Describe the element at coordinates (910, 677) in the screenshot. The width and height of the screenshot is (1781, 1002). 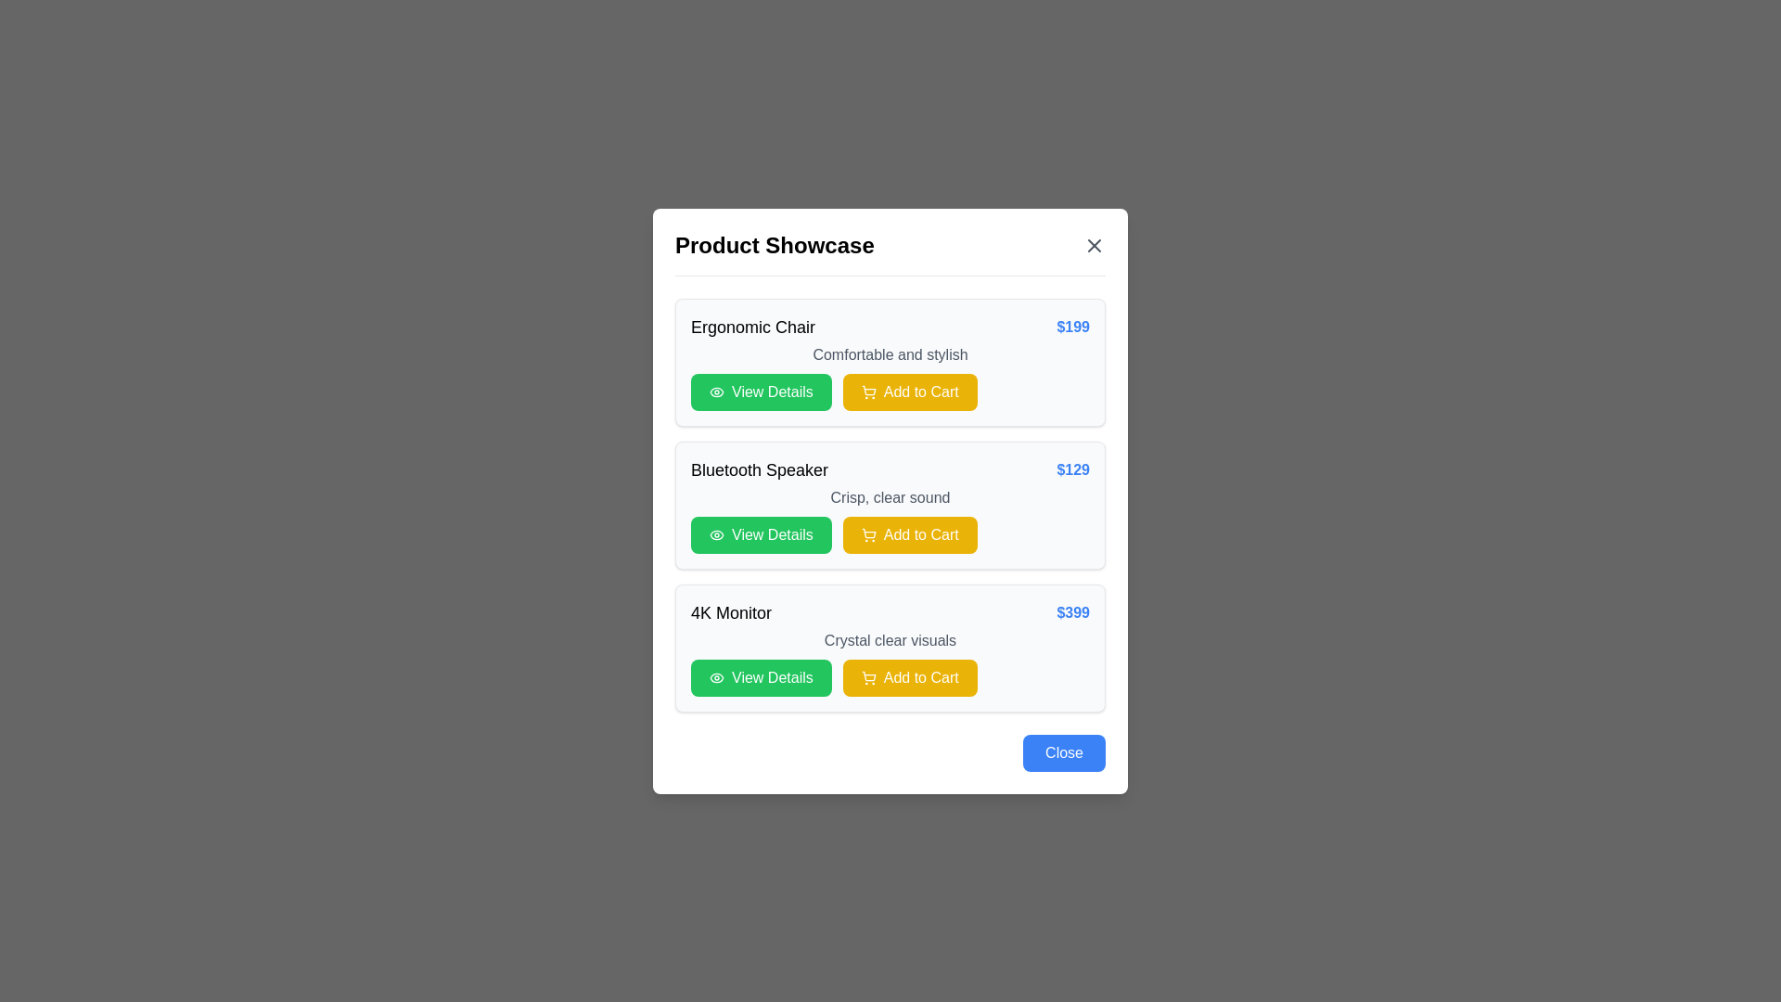
I see `the second interactive button in the product row` at that location.